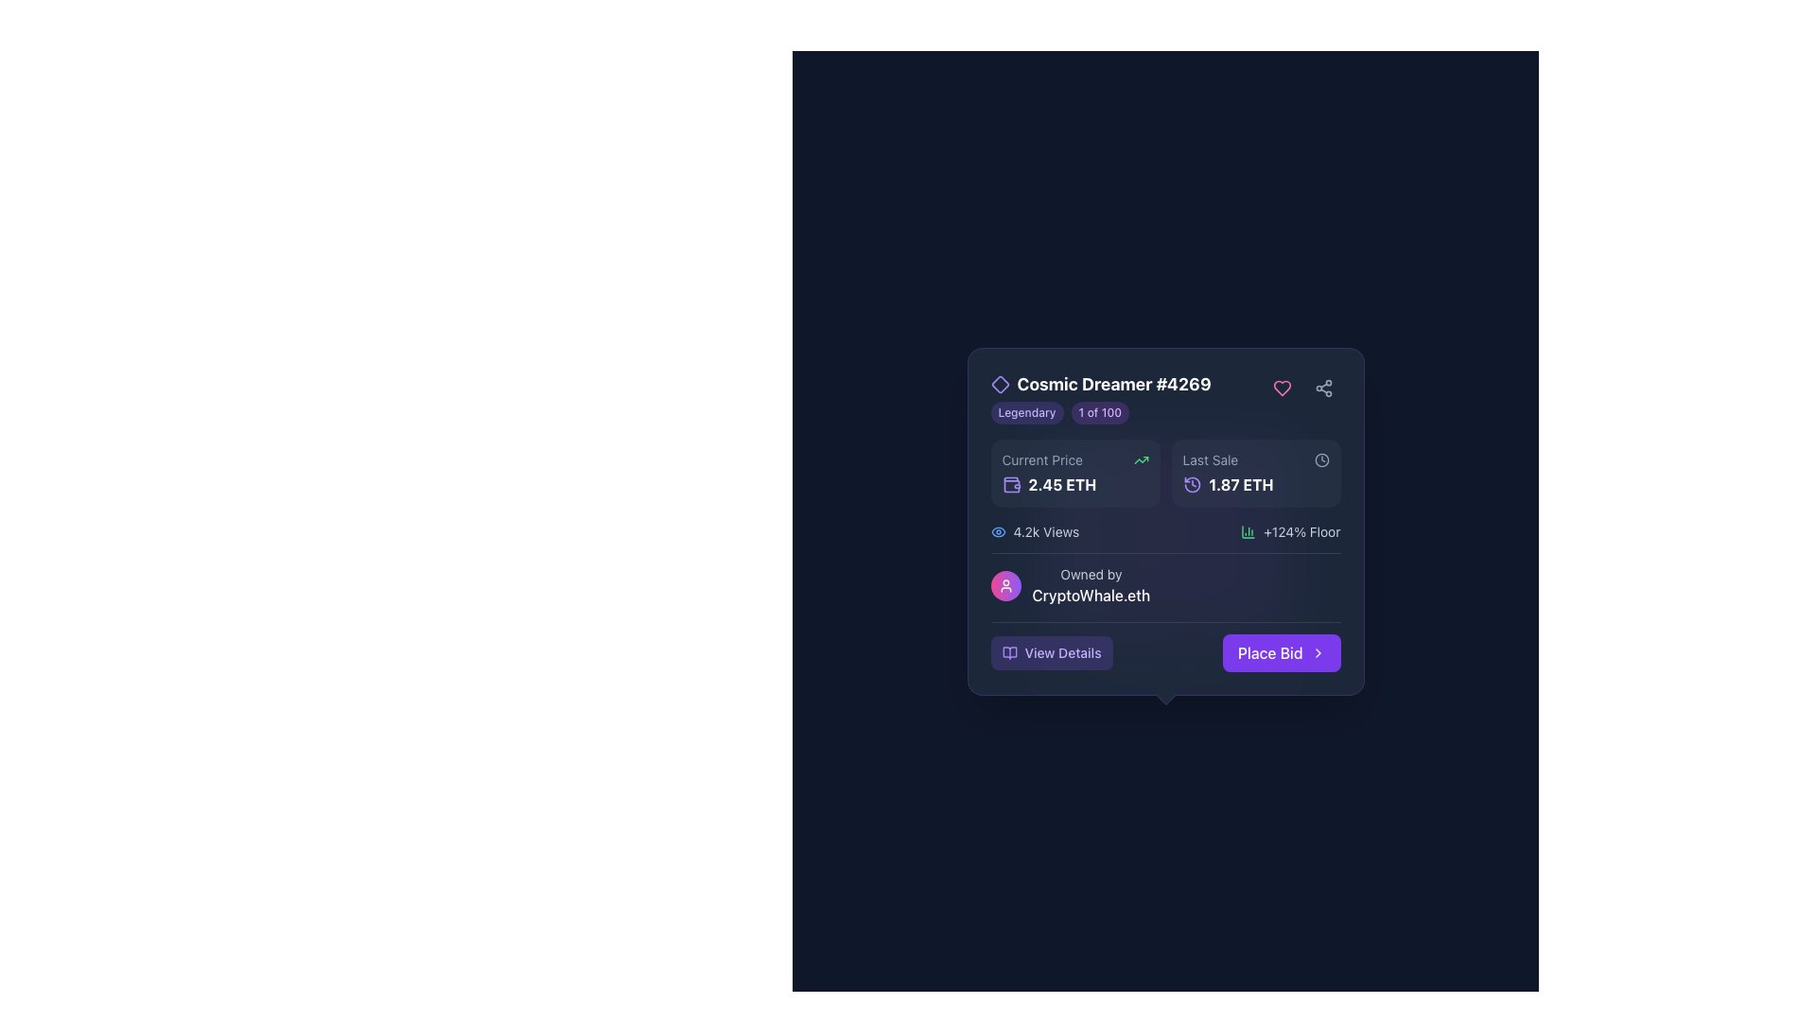 This screenshot has height=1021, width=1816. I want to click on the information displayed on the 'Last Sale' label, which shows the last sale amount in Ethereum (ETH) and is accompanied by a clock icon, positioned to the right of the 'Current Price' section, so click(1256, 484).